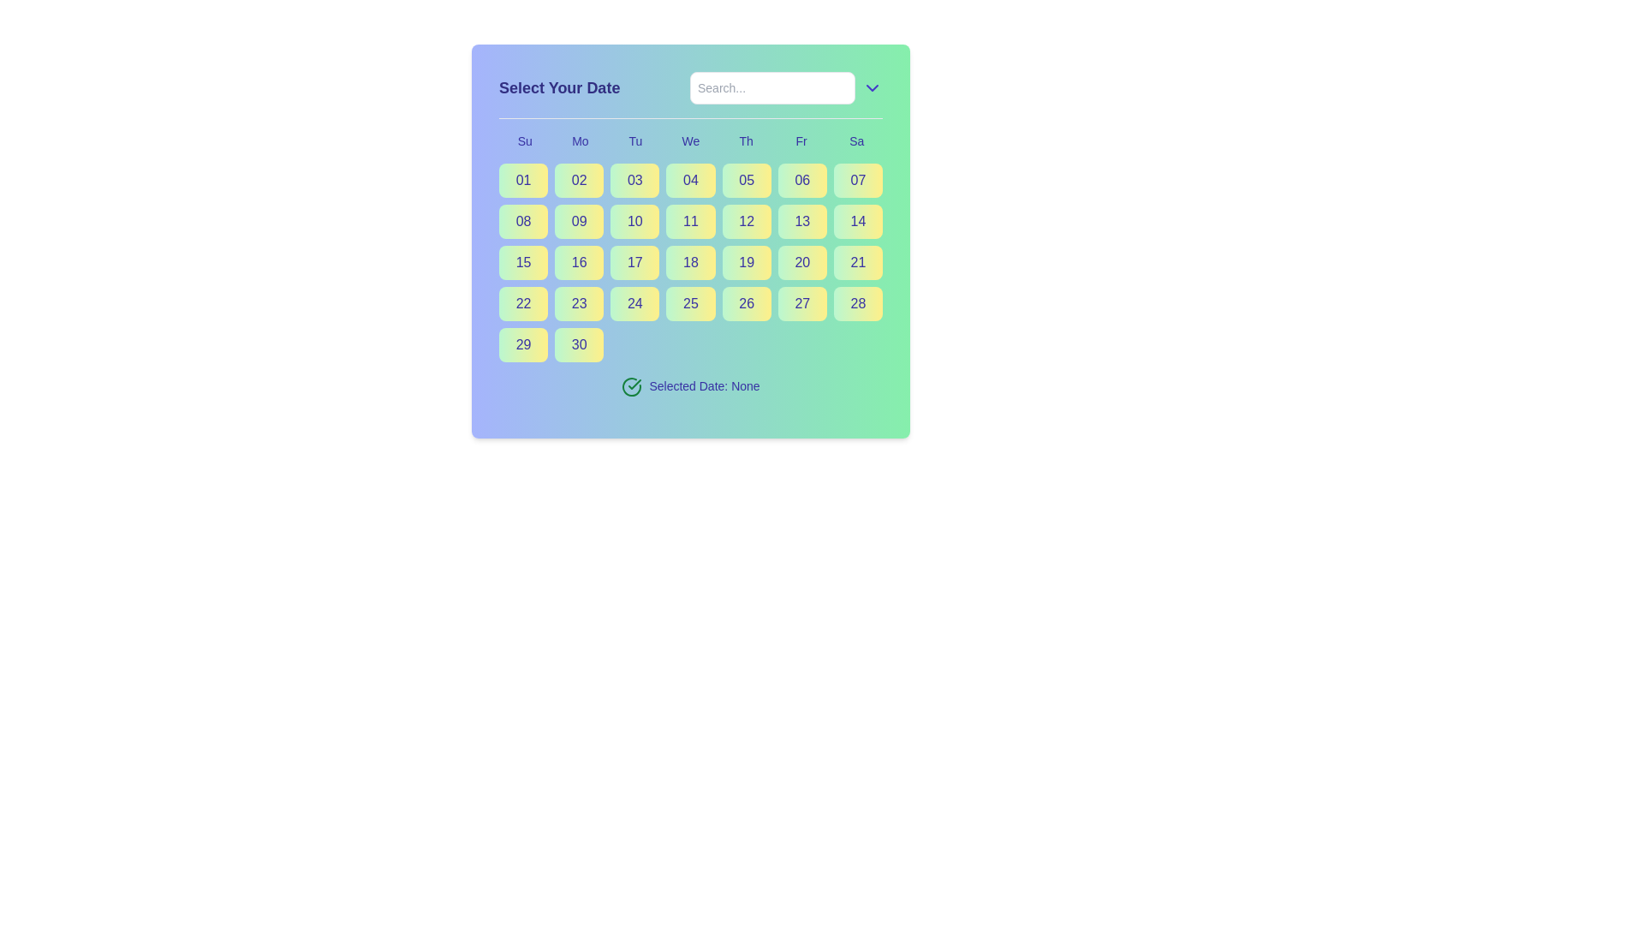 The image size is (1644, 925). Describe the element at coordinates (801, 263) in the screenshot. I see `the button labeled '20' which is a rounded rectangular tile with a gradient background transitioning from green to yellow and contains bold indigo text centered inside` at that location.